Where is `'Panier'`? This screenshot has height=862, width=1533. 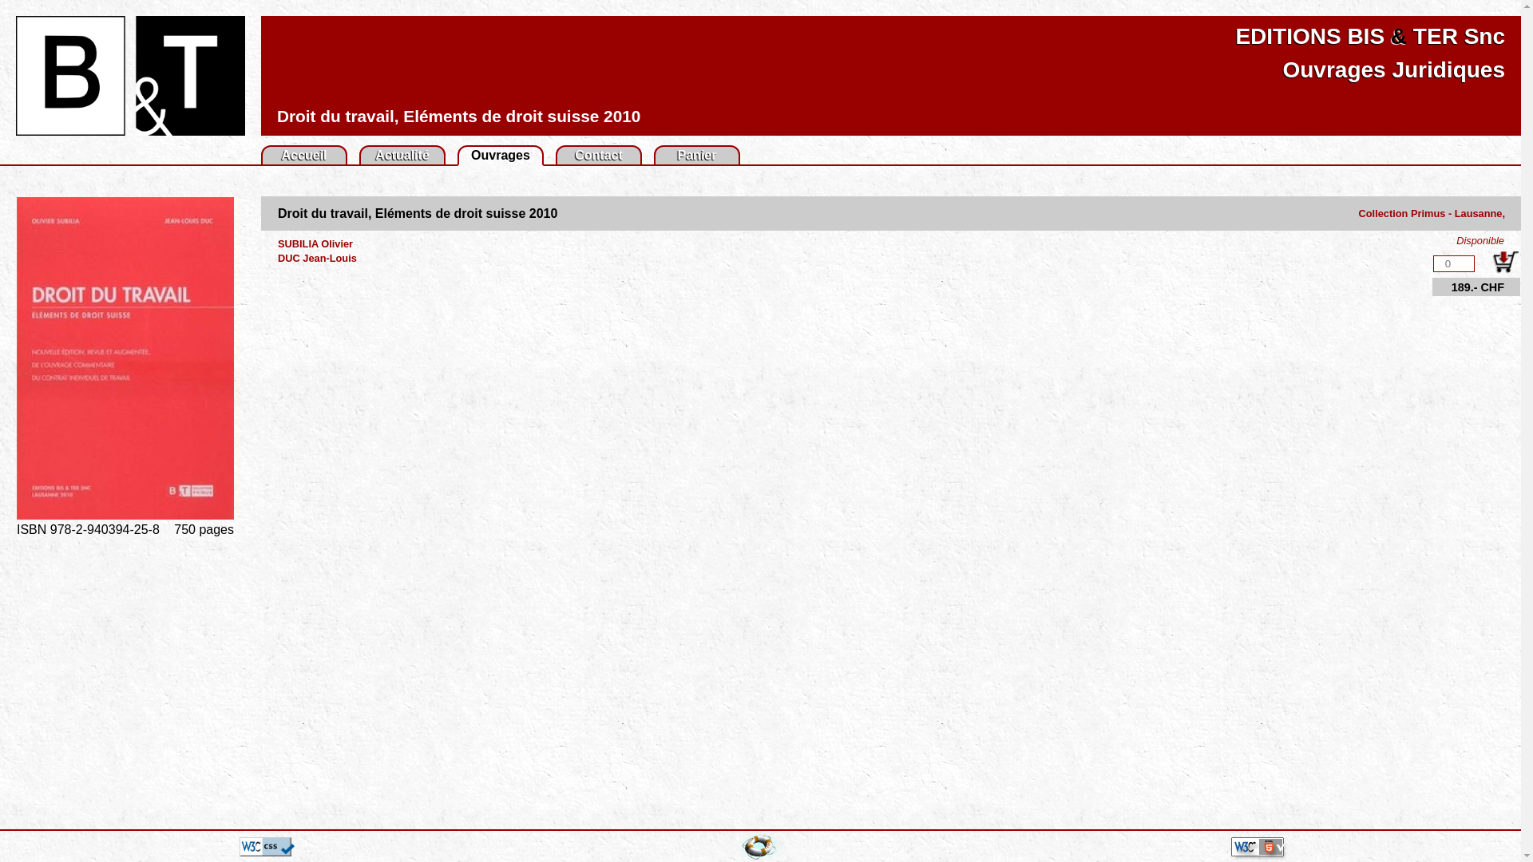
'Panier' is located at coordinates (697, 155).